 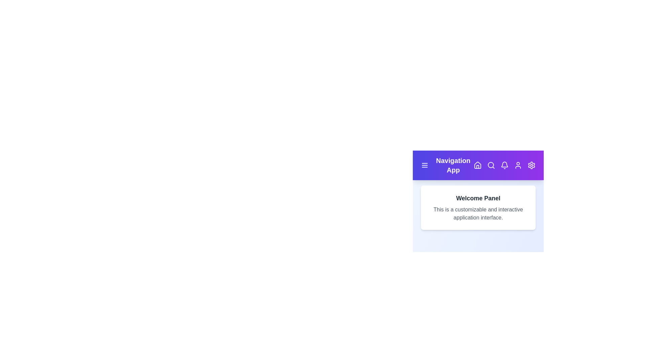 I want to click on the Bell icon in the navigation bar to navigate to its respective section, so click(x=504, y=165).